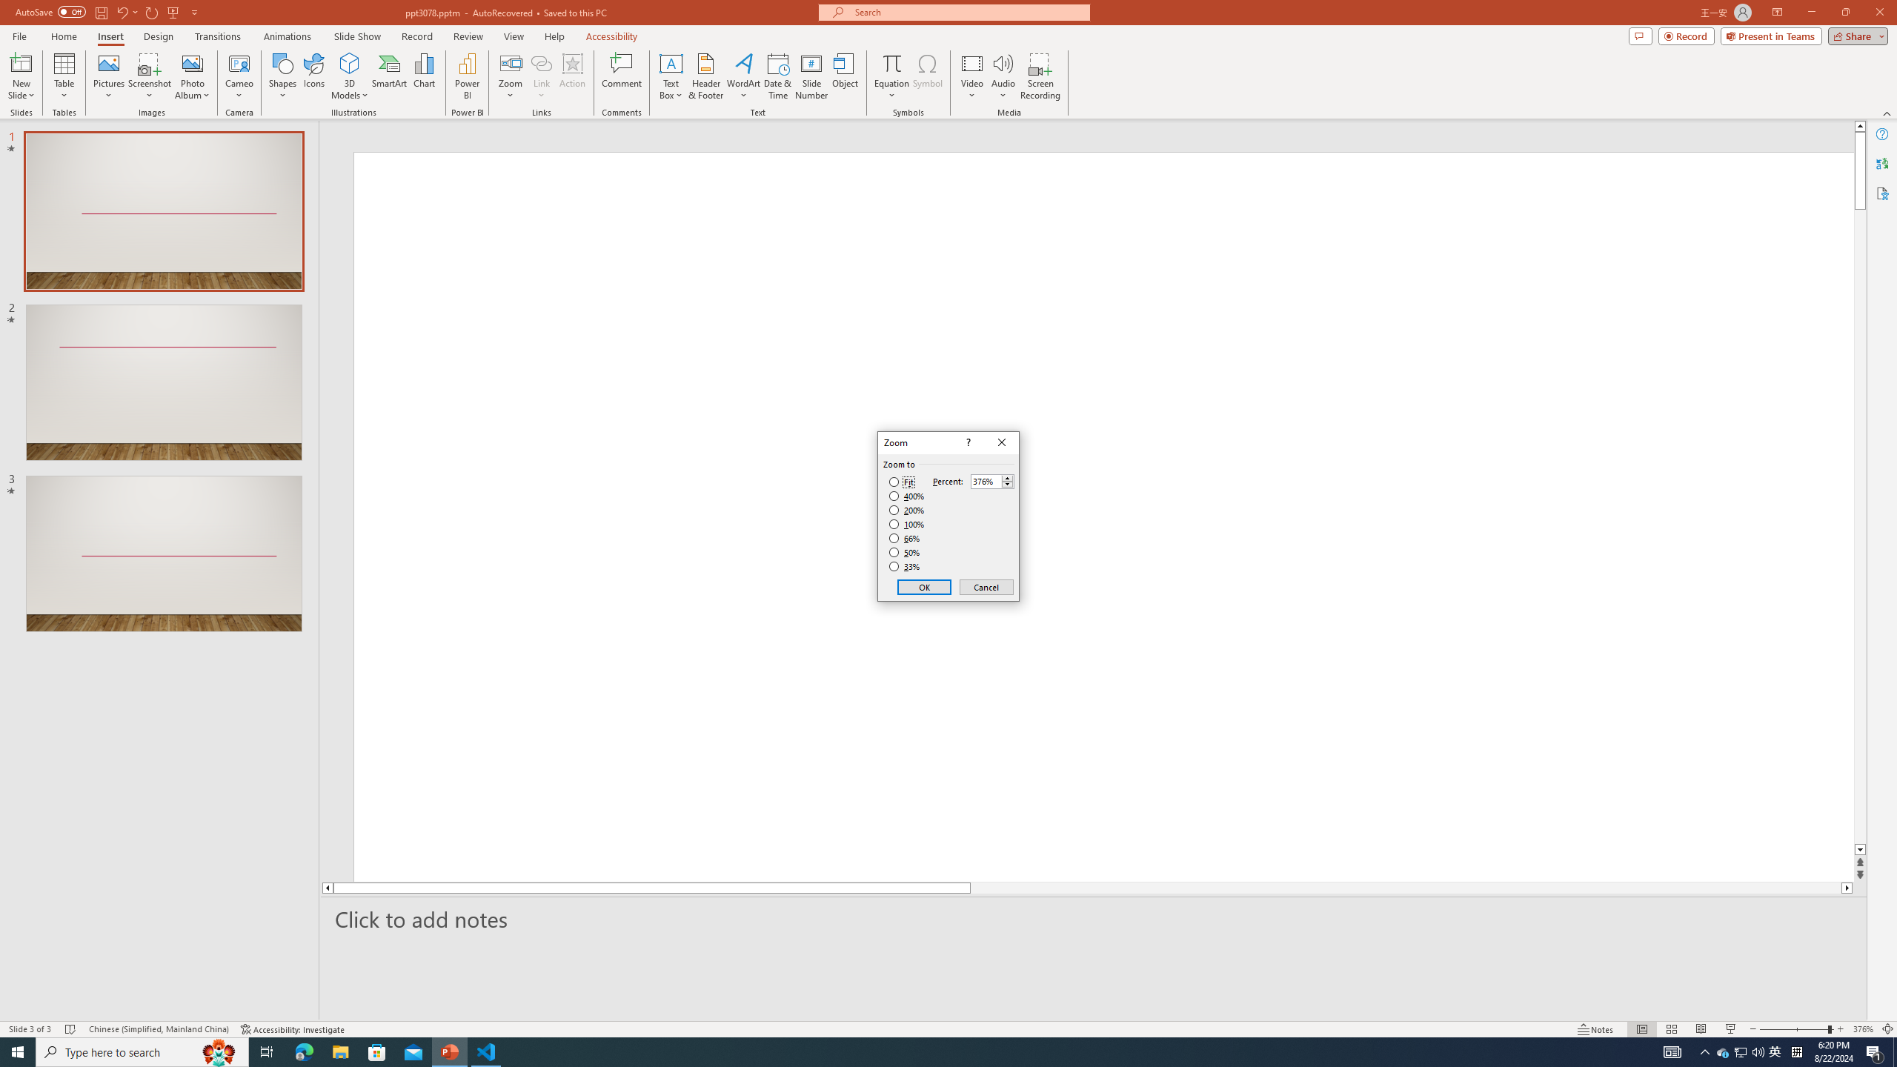 The image size is (1897, 1067). What do you see at coordinates (149, 76) in the screenshot?
I see `'Screenshot'` at bounding box center [149, 76].